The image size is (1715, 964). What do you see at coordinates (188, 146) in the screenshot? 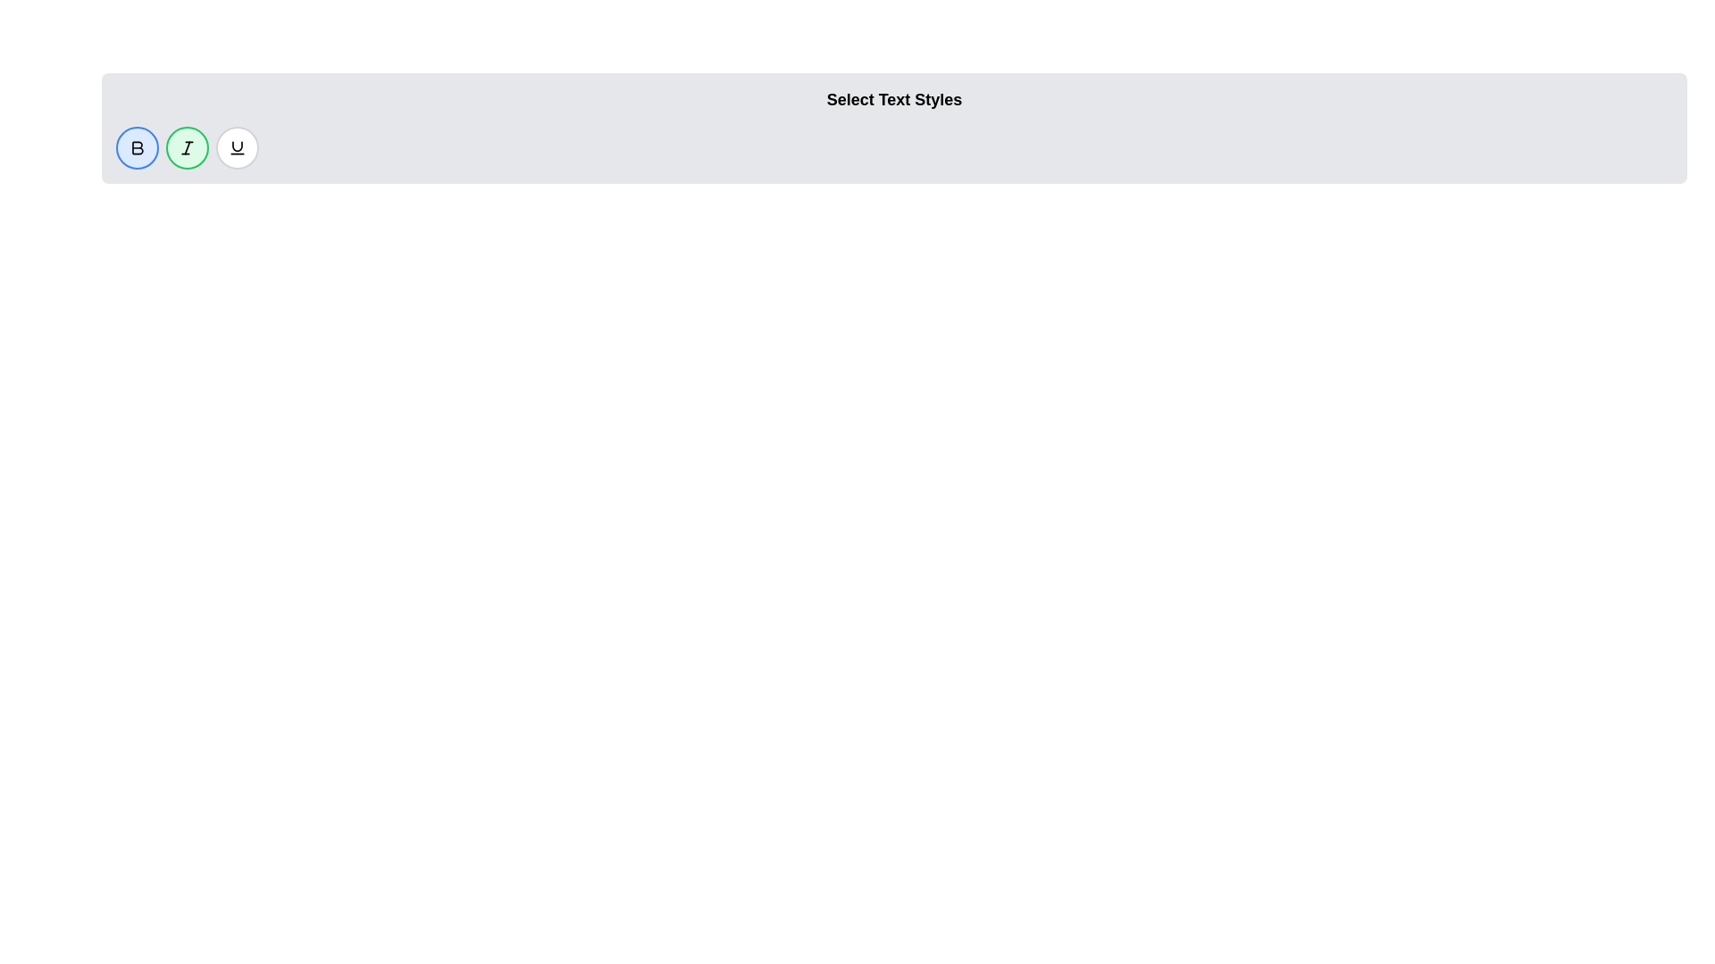
I see `the circular button containing an icon` at bounding box center [188, 146].